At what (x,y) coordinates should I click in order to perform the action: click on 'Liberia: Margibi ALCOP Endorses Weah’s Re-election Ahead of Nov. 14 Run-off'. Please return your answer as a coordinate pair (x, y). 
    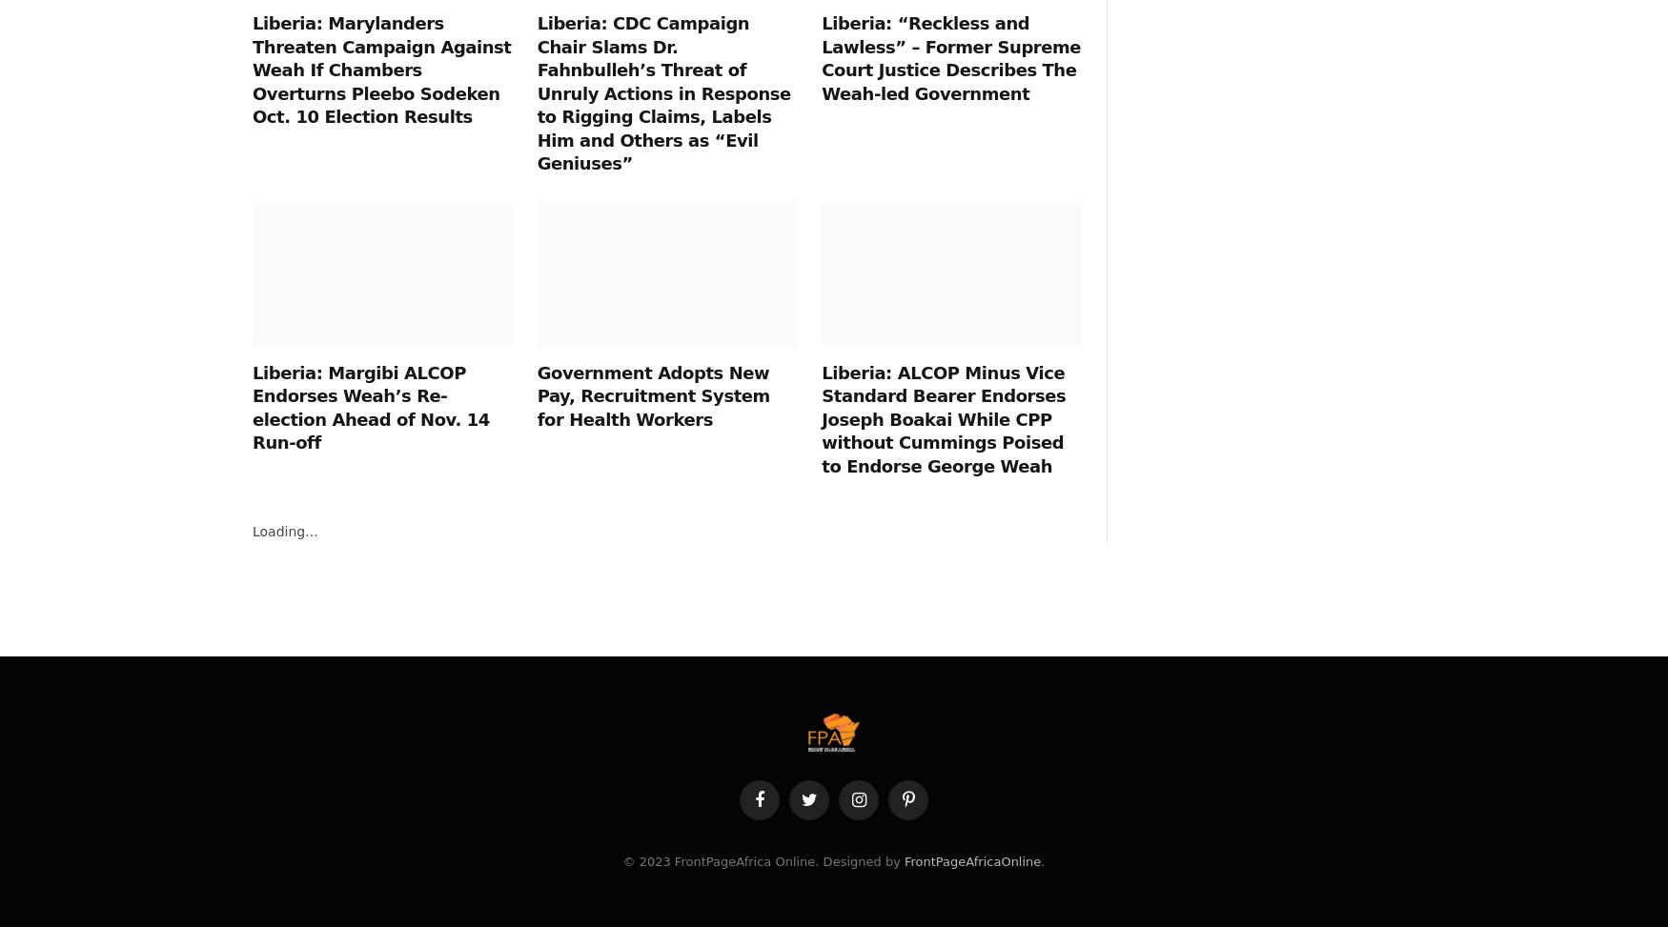
    Looking at the image, I should click on (370, 407).